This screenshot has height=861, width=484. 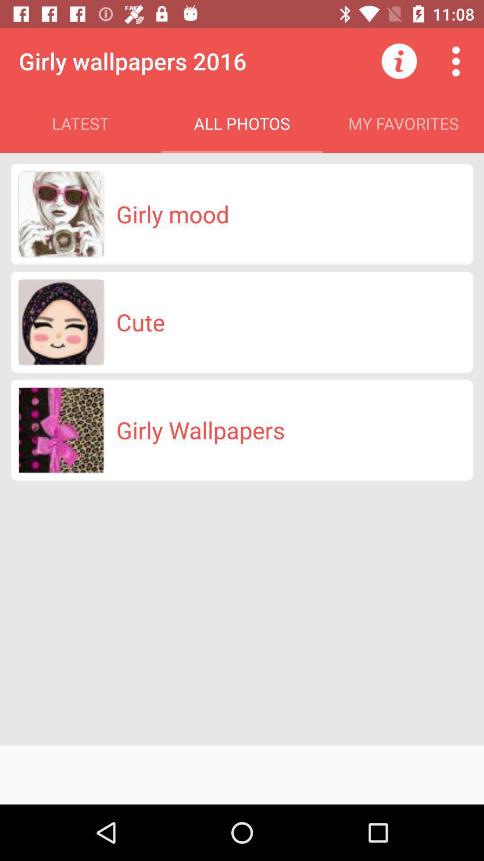 I want to click on the icon above girly wallpapers icon, so click(x=140, y=322).